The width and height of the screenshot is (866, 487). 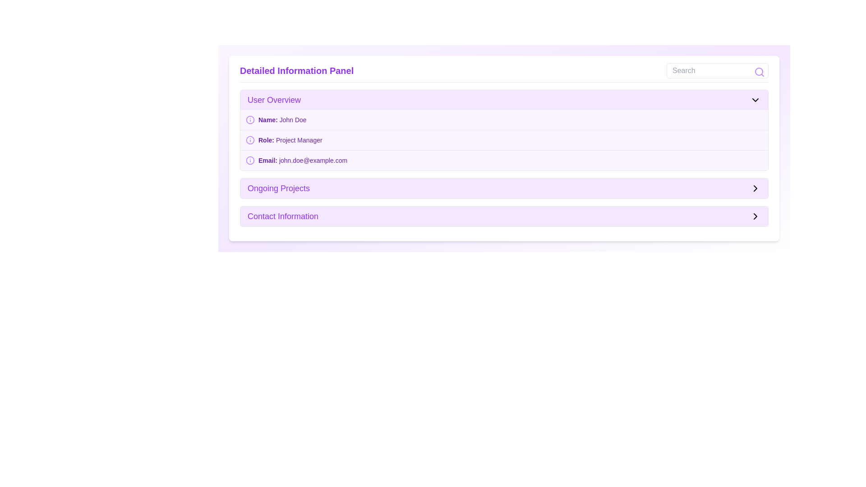 What do you see at coordinates (282, 119) in the screenshot?
I see `displayed name from the Text Display that identifies the user, located under the 'User Overview' heading as the first entry in the list` at bounding box center [282, 119].